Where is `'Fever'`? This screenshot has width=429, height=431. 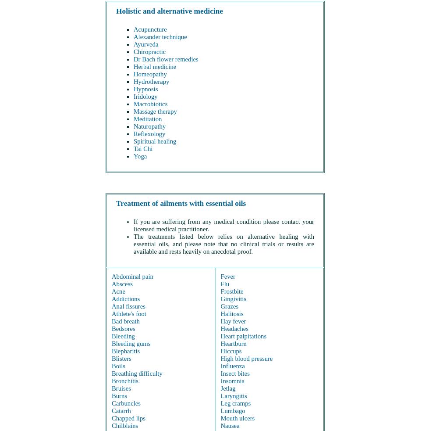 'Fever' is located at coordinates (220, 275).